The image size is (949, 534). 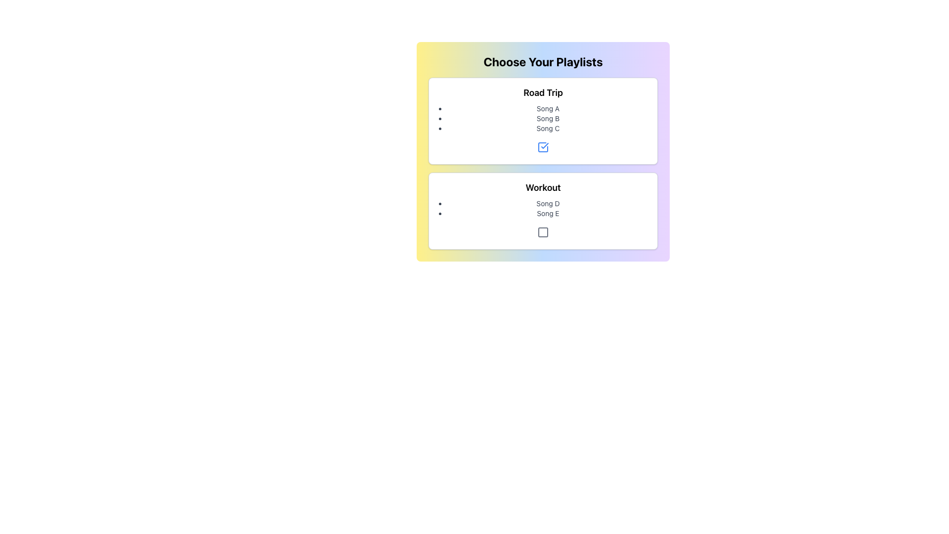 What do you see at coordinates (543, 232) in the screenshot?
I see `the checkbox located beneath the text 'Song E' in the 'Workout' playlist section` at bounding box center [543, 232].